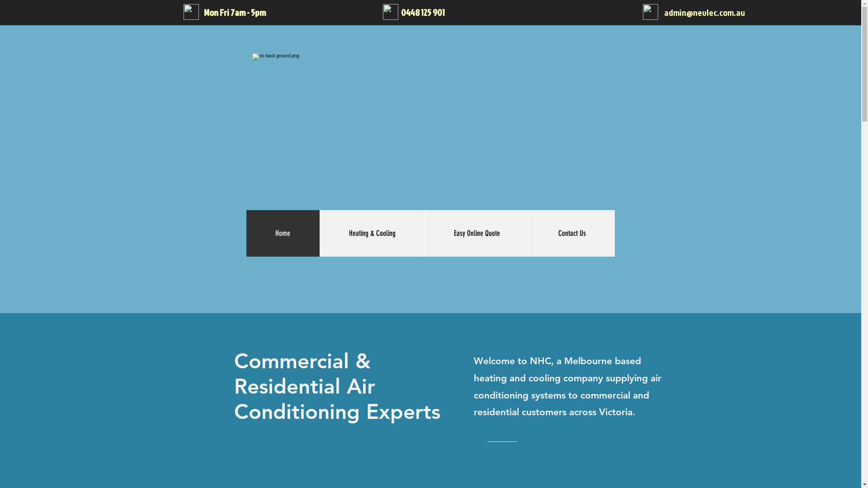 The width and height of the screenshot is (868, 488). Describe the element at coordinates (664, 12) in the screenshot. I see `'admin@nevlec.com.au'` at that location.